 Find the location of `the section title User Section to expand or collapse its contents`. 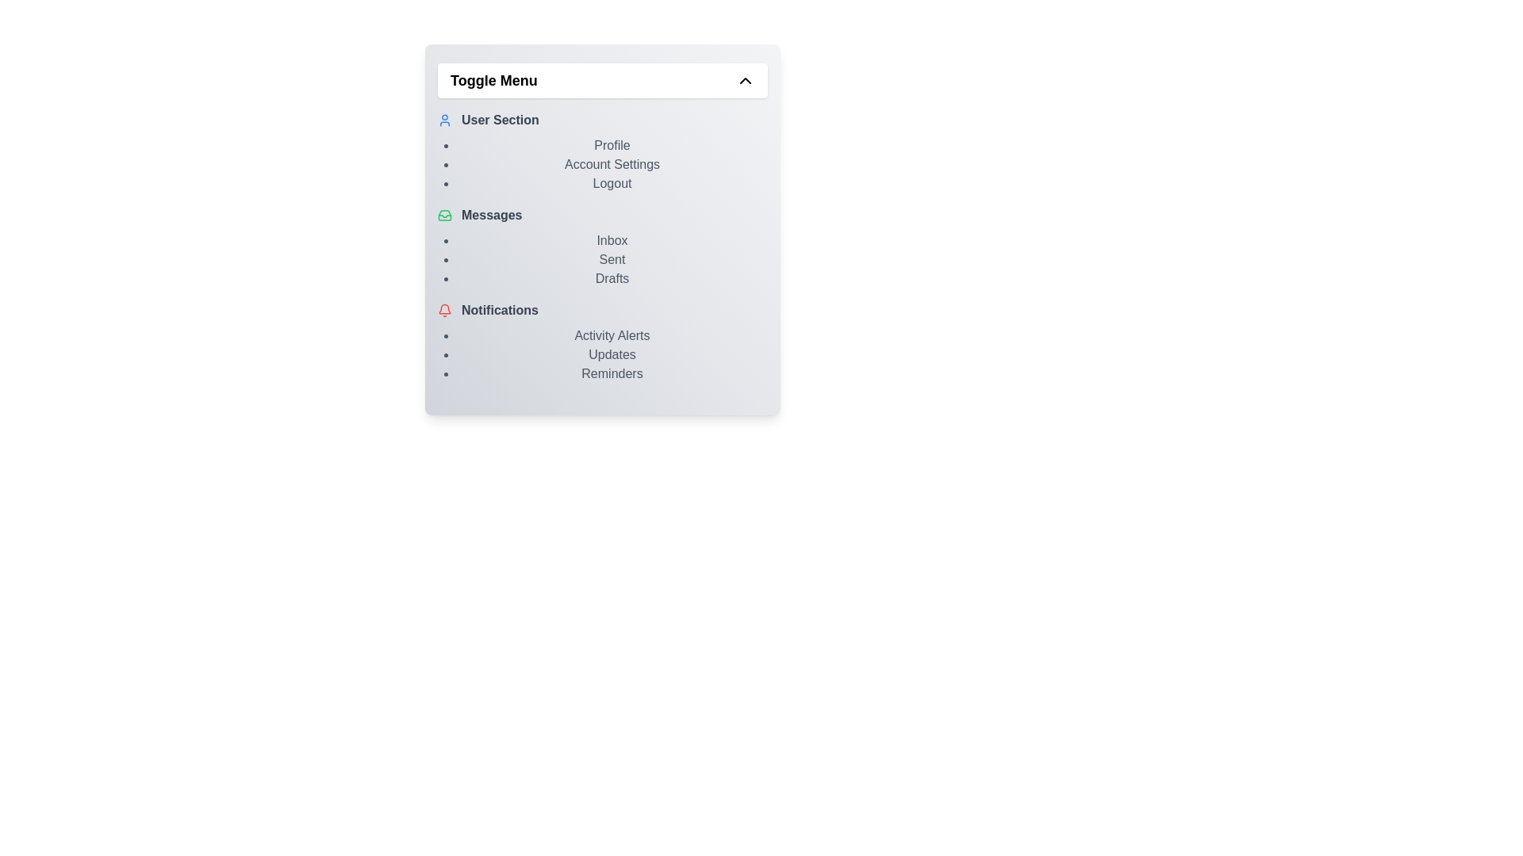

the section title User Section to expand or collapse its contents is located at coordinates (601, 119).